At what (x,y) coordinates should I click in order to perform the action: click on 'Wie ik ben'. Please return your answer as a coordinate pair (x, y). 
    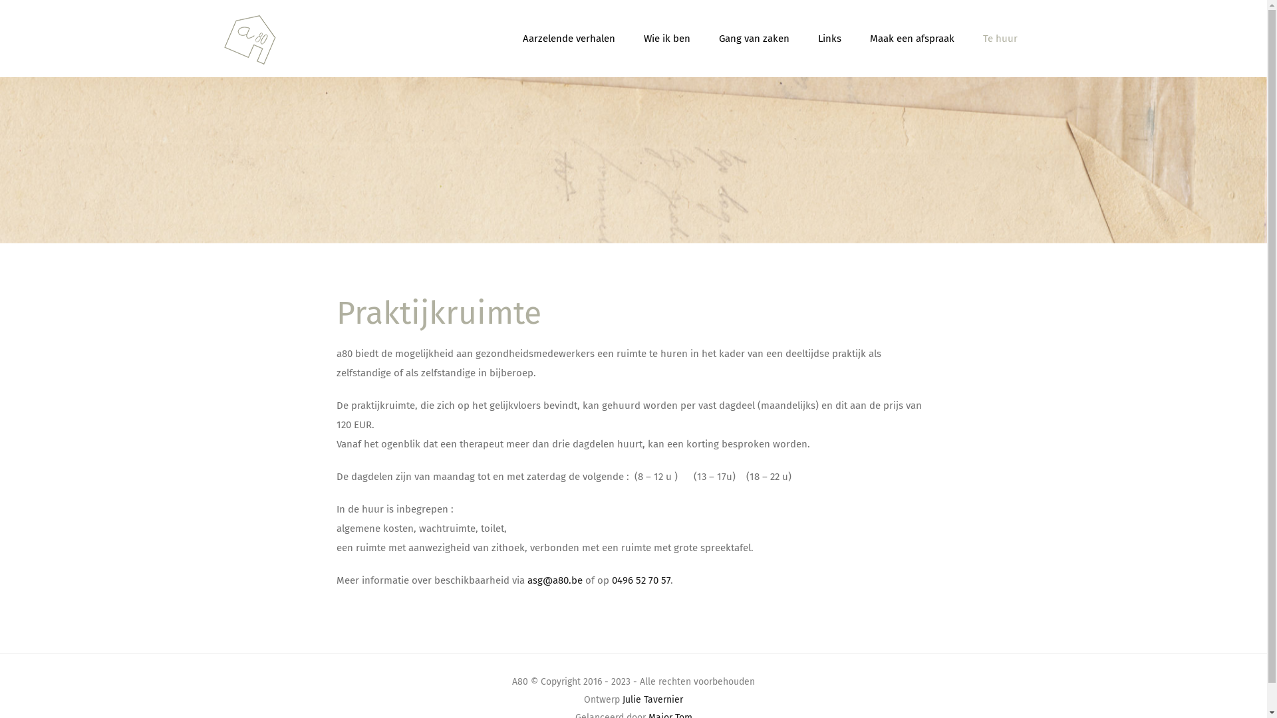
    Looking at the image, I should click on (667, 37).